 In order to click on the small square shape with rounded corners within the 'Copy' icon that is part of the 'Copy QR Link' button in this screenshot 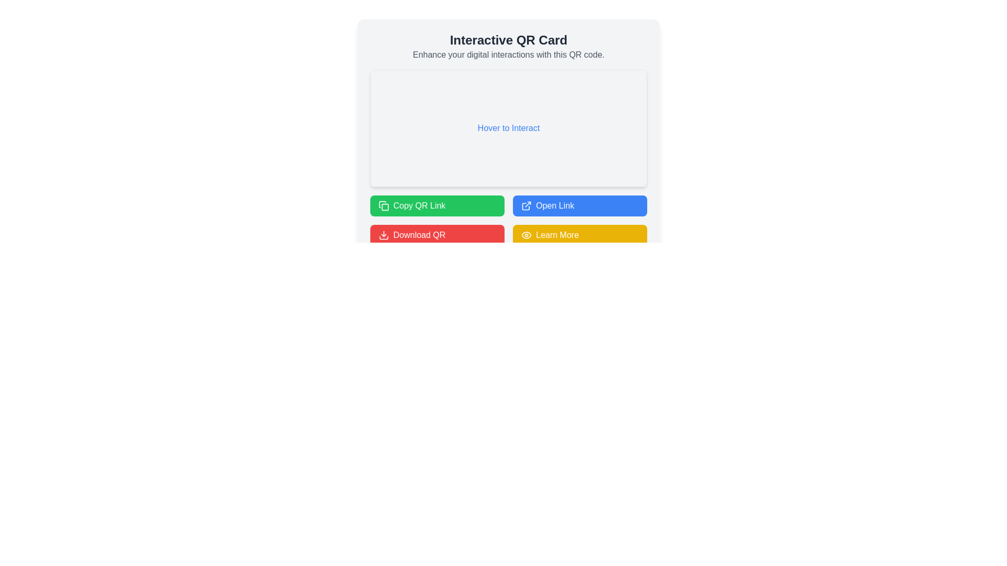, I will do `click(384, 207)`.